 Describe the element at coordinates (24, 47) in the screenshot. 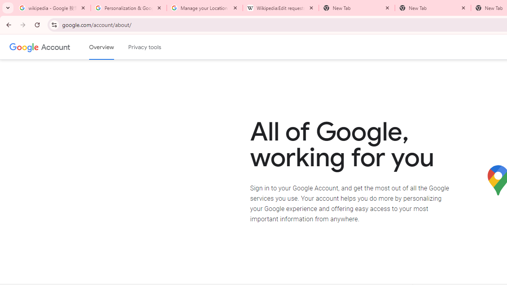

I see `'Google logo'` at that location.